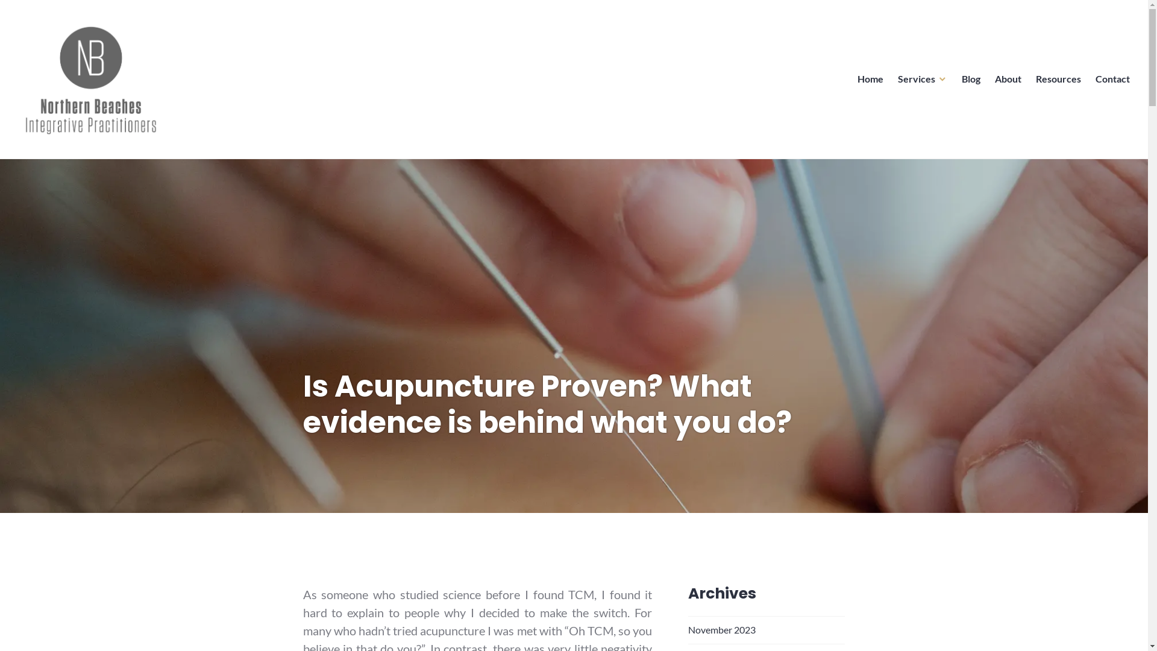 The width and height of the screenshot is (1157, 651). Describe the element at coordinates (922, 79) in the screenshot. I see `'Services'` at that location.